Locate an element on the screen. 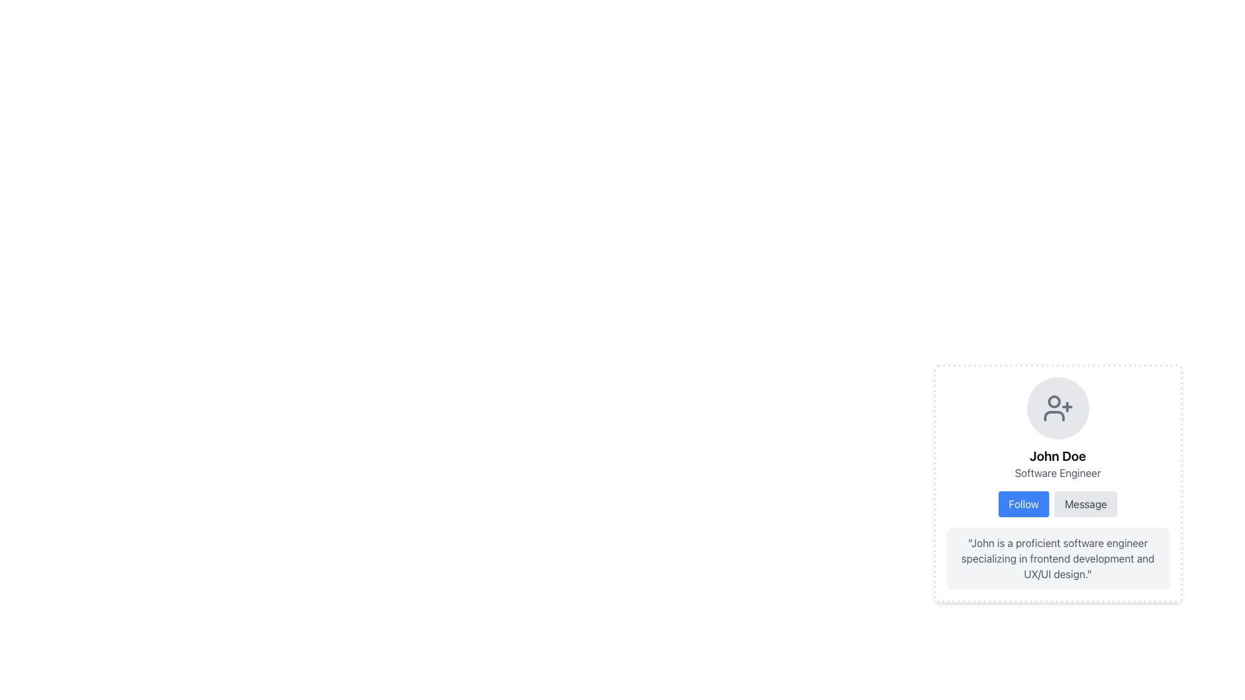 This screenshot has width=1245, height=700. the text block displaying 'John is a proficient software engineer specializing in frontend development and UX/UI design.' located at the bottom of the profile card, beneath the Follow and Message buttons is located at coordinates (1058, 557).